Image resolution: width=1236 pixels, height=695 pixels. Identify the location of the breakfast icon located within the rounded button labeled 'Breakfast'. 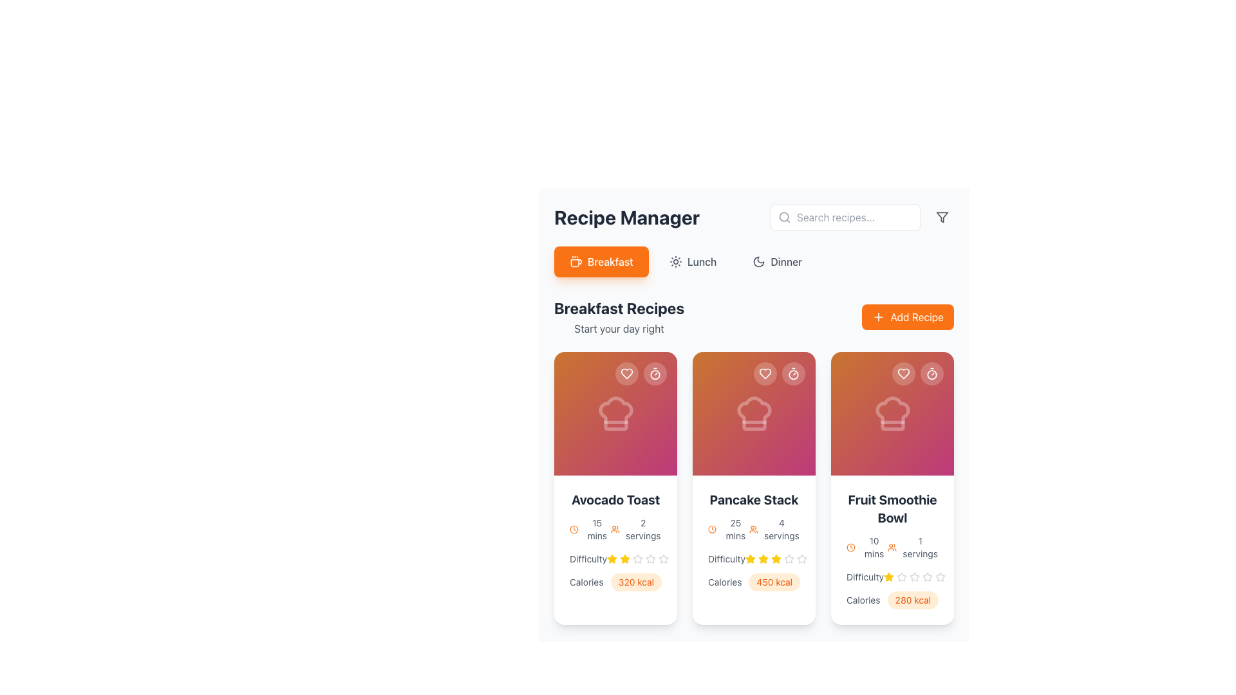
(575, 261).